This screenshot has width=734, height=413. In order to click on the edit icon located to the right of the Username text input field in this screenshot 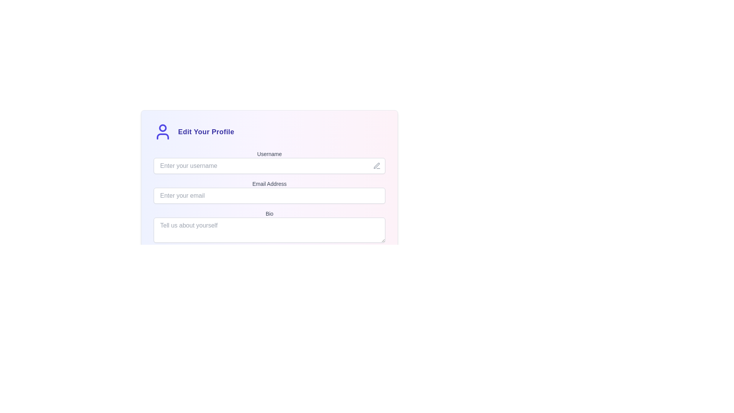, I will do `click(377, 166)`.